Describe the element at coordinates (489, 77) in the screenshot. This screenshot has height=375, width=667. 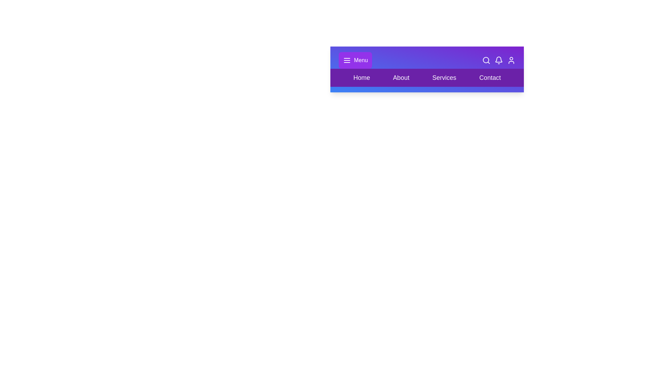
I see `the navigation option Contact` at that location.